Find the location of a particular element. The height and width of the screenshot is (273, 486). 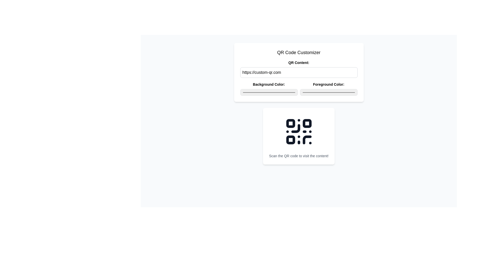

the text label 'QR Content:' which is styled with a smaller font size and bold formatting, located near the top-middle of the interface, above the text input box is located at coordinates (299, 62).